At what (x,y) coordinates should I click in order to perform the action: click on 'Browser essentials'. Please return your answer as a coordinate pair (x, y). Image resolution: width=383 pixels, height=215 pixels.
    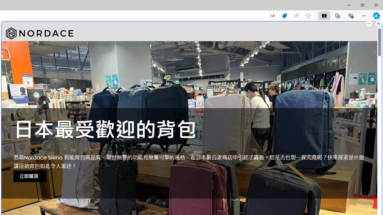
    Looking at the image, I should click on (350, 15).